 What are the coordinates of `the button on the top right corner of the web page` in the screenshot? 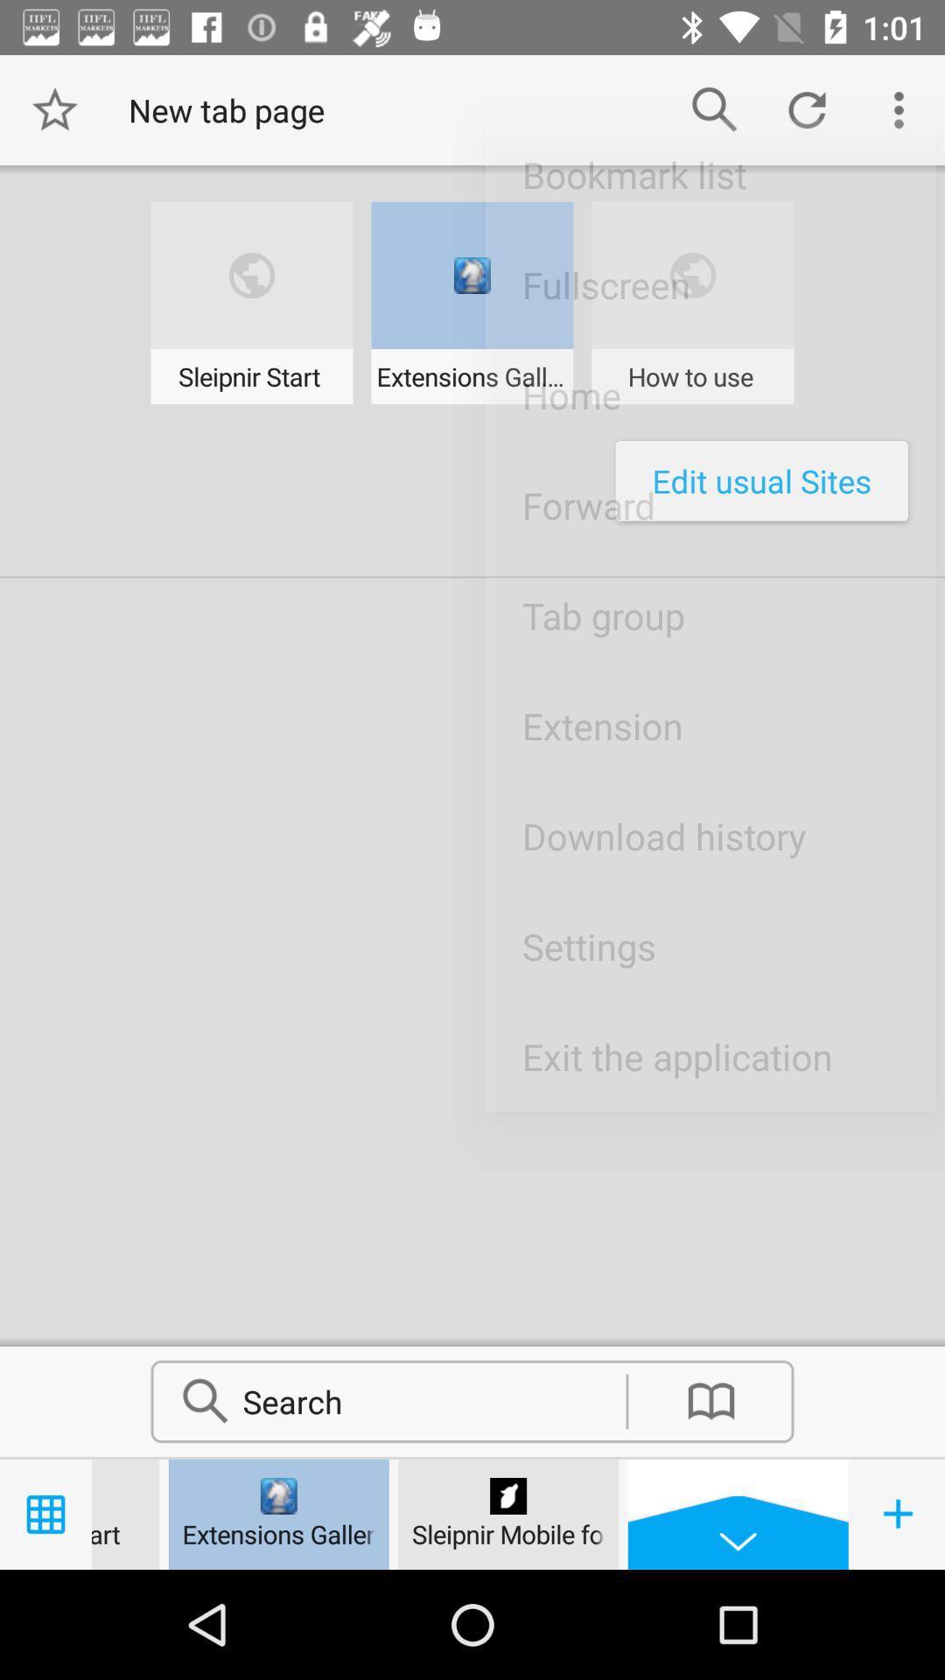 It's located at (899, 108).